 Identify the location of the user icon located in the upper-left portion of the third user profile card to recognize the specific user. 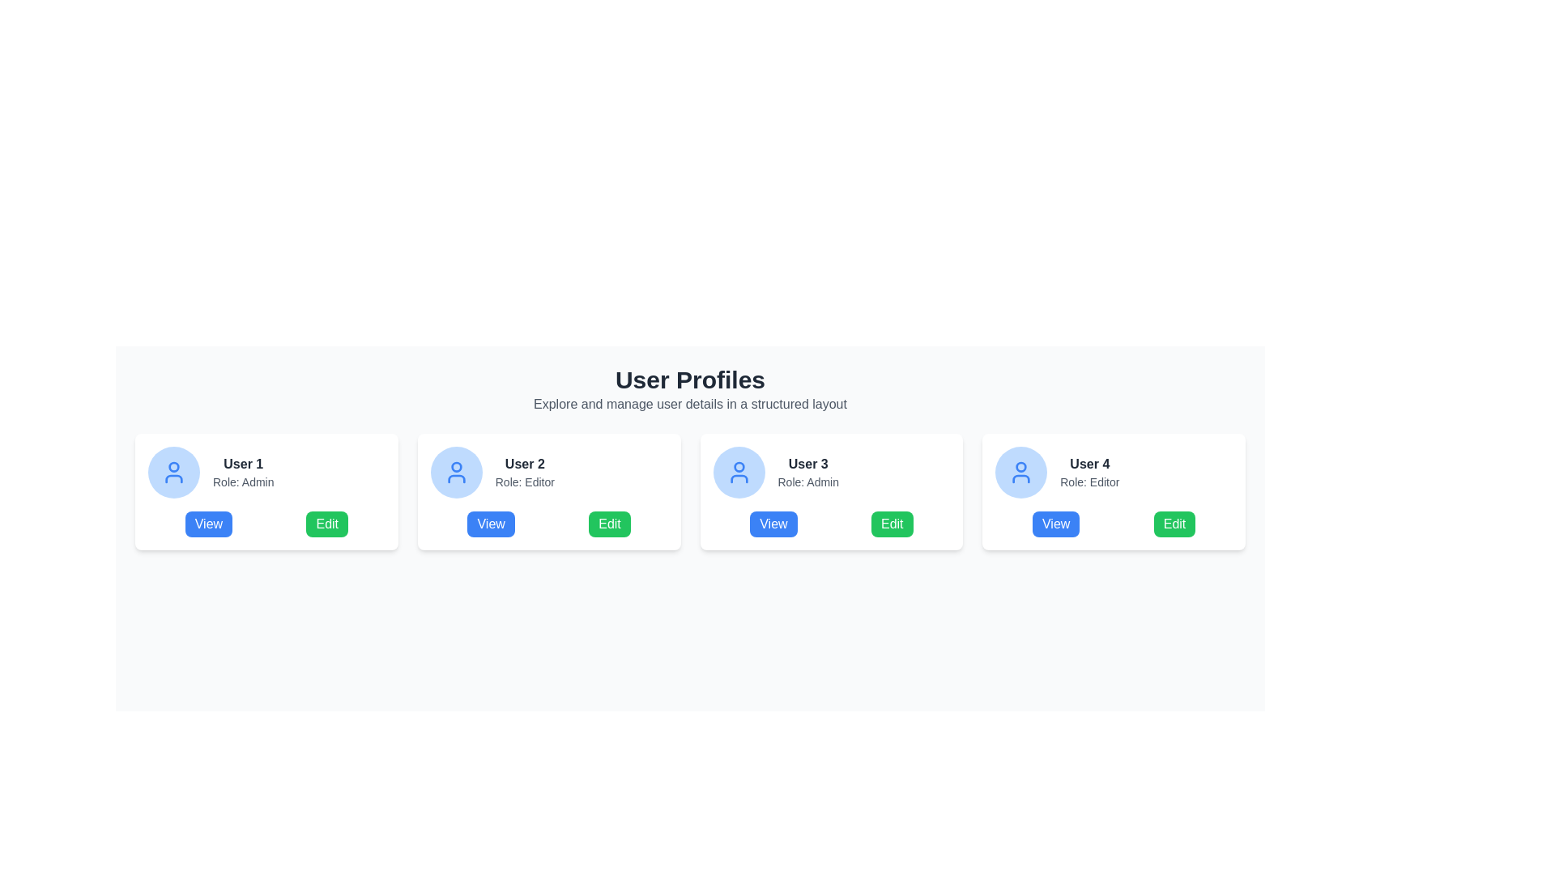
(738, 472).